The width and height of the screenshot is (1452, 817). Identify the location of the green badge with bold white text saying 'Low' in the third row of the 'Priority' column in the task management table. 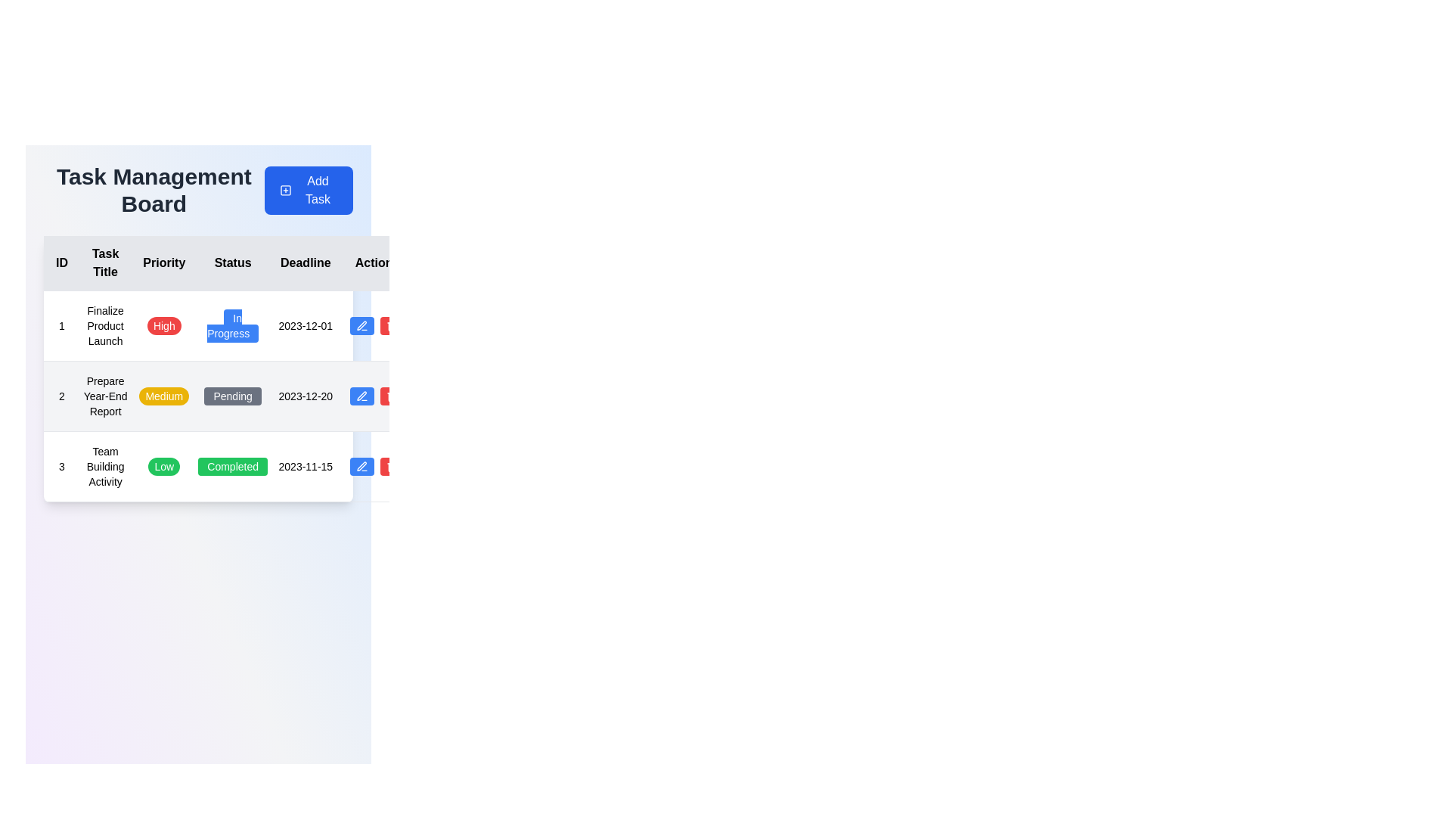
(164, 466).